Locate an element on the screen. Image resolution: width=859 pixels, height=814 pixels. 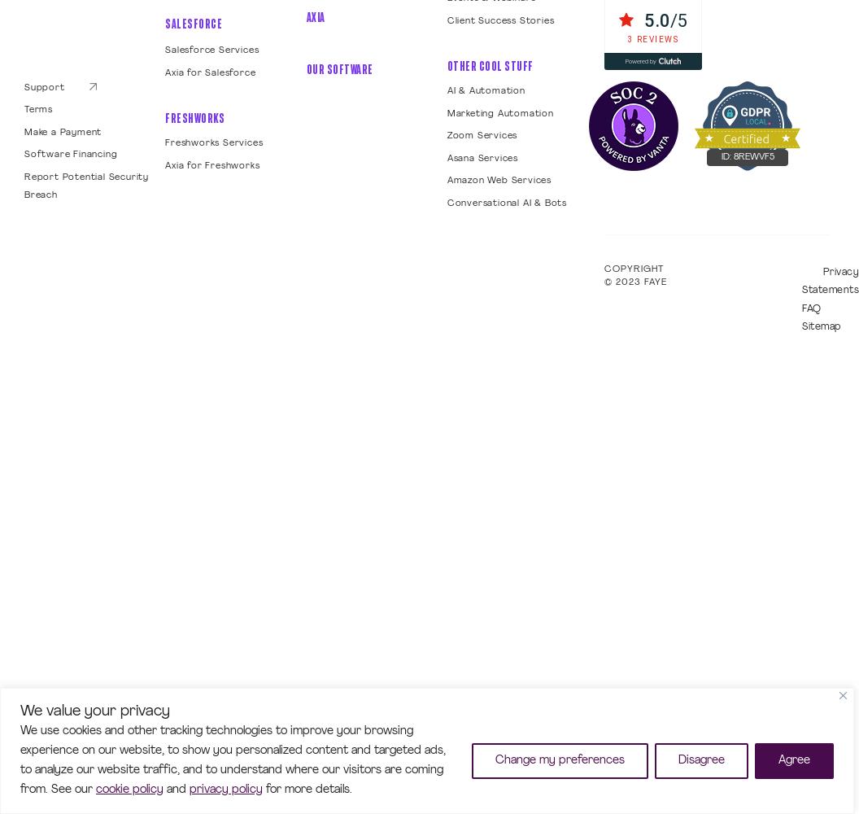
'Zoom Services' is located at coordinates (482, 136).